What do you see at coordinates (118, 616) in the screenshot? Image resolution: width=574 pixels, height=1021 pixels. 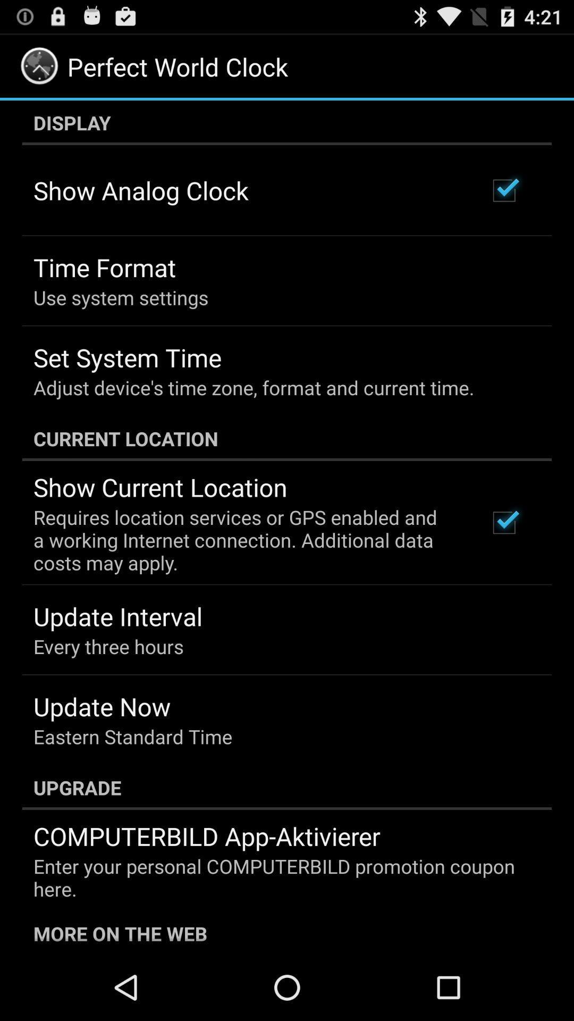 I see `icon below requires location services app` at bounding box center [118, 616].